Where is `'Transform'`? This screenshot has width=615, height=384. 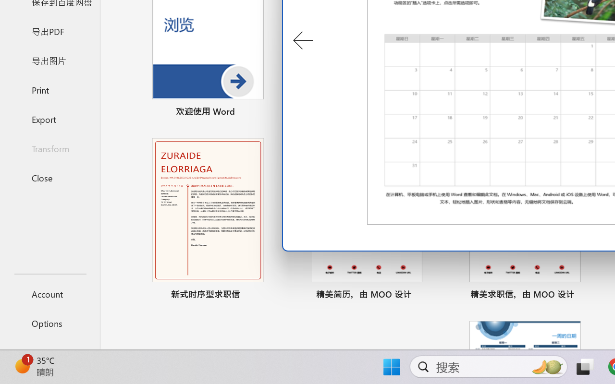
'Transform' is located at coordinates (49, 148).